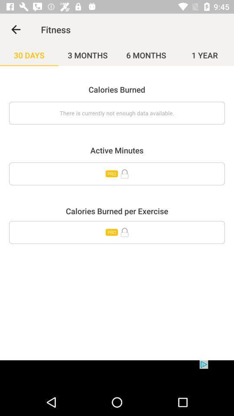 Image resolution: width=234 pixels, height=416 pixels. I want to click on the item above the 30 days, so click(16, 29).